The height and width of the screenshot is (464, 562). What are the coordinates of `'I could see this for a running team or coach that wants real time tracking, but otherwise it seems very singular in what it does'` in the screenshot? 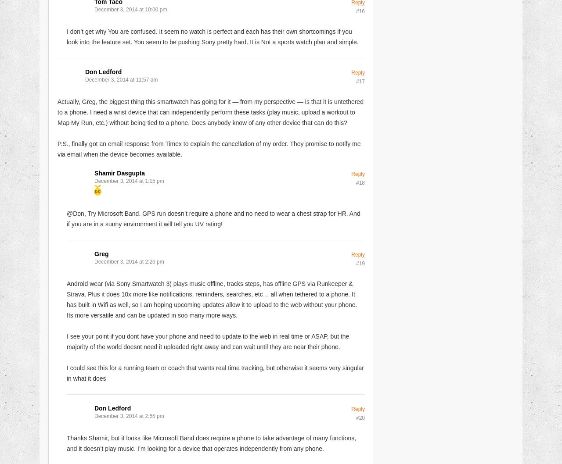 It's located at (215, 372).